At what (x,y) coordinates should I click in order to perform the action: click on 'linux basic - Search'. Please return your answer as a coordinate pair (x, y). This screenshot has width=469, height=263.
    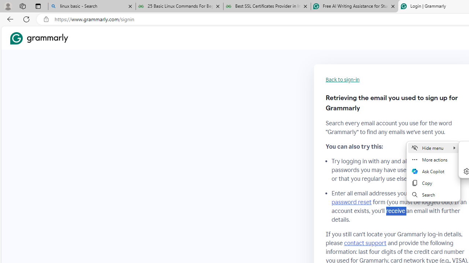
    Looking at the image, I should click on (91, 6).